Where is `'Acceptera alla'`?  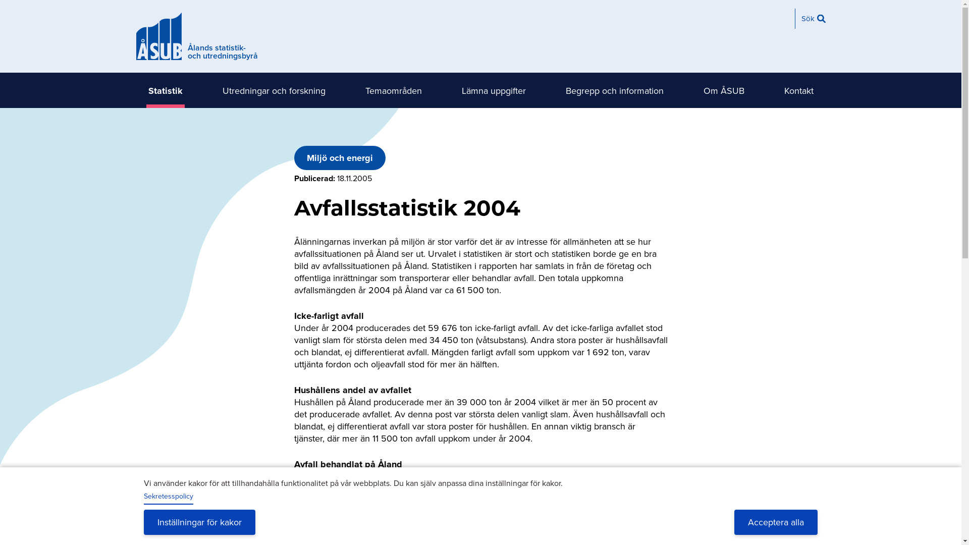
'Acceptera alla' is located at coordinates (775, 522).